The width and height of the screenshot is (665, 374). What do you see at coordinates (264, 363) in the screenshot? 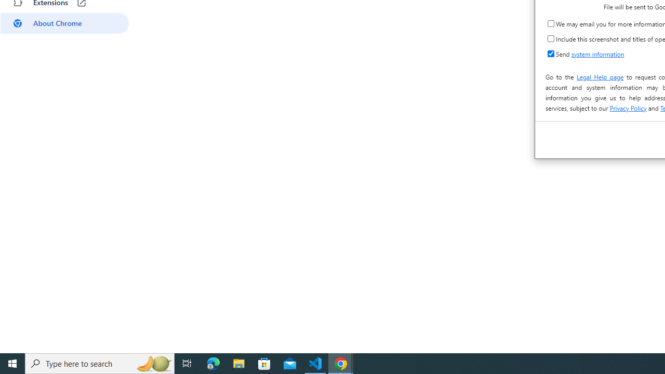
I see `'Microsoft Store'` at bounding box center [264, 363].